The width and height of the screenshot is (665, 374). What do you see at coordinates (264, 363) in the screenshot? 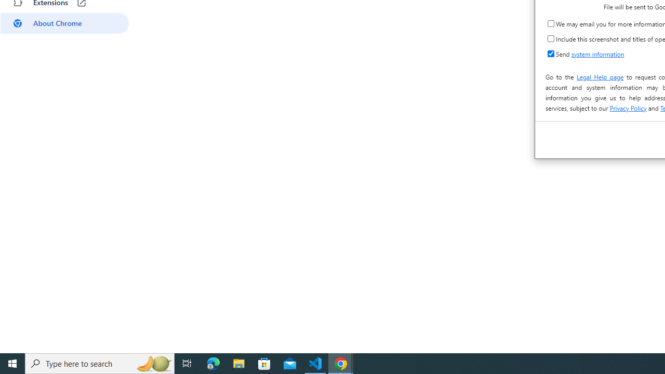
I see `'Microsoft Store'` at bounding box center [264, 363].